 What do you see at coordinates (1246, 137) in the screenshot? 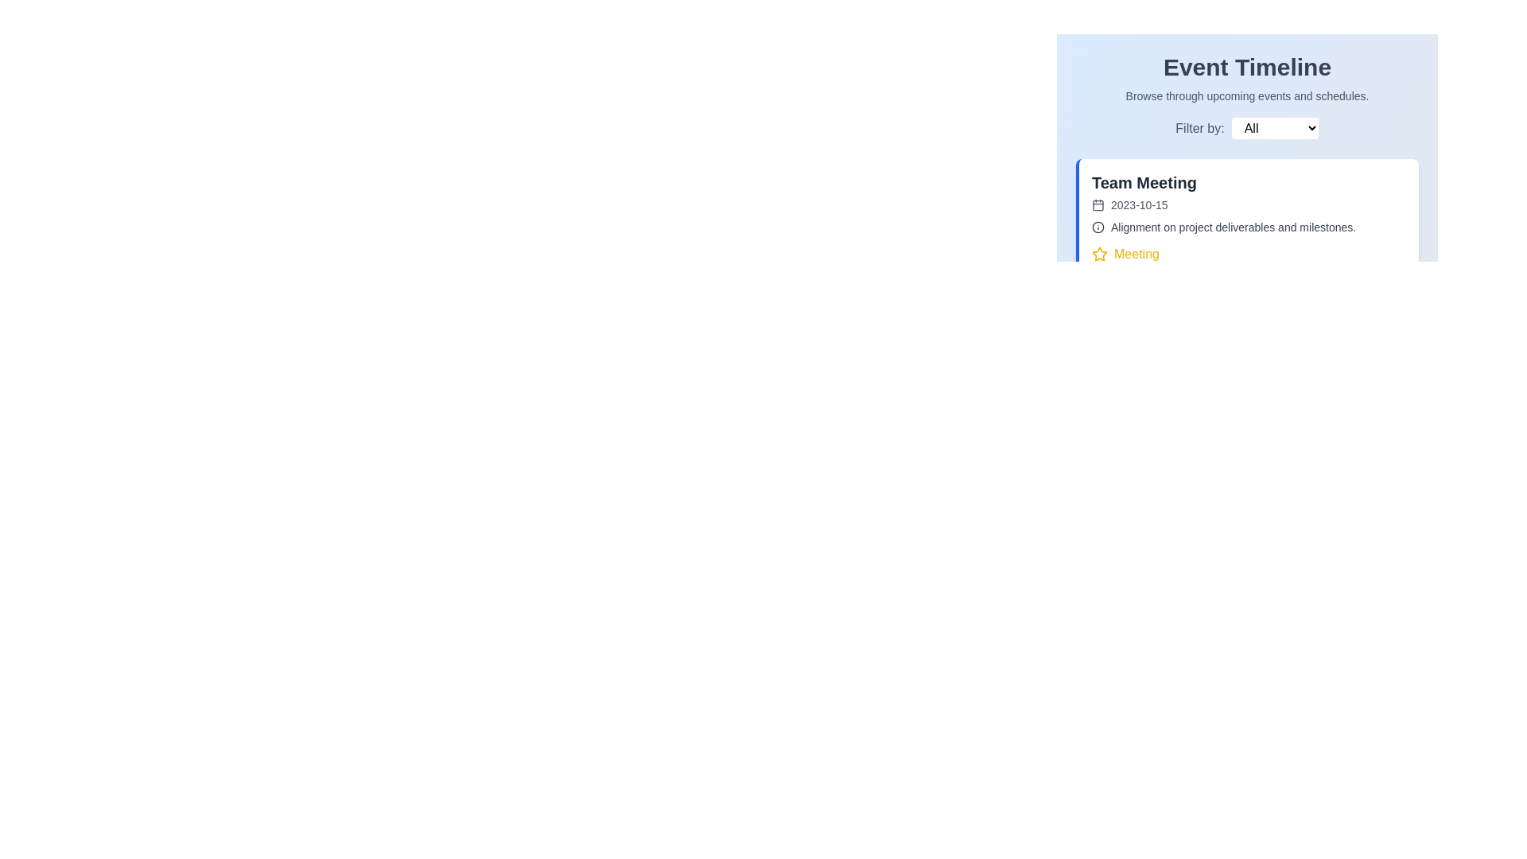
I see `the dropdown menu located directly under the 'Filter by:' label in the event timeline section` at bounding box center [1246, 137].